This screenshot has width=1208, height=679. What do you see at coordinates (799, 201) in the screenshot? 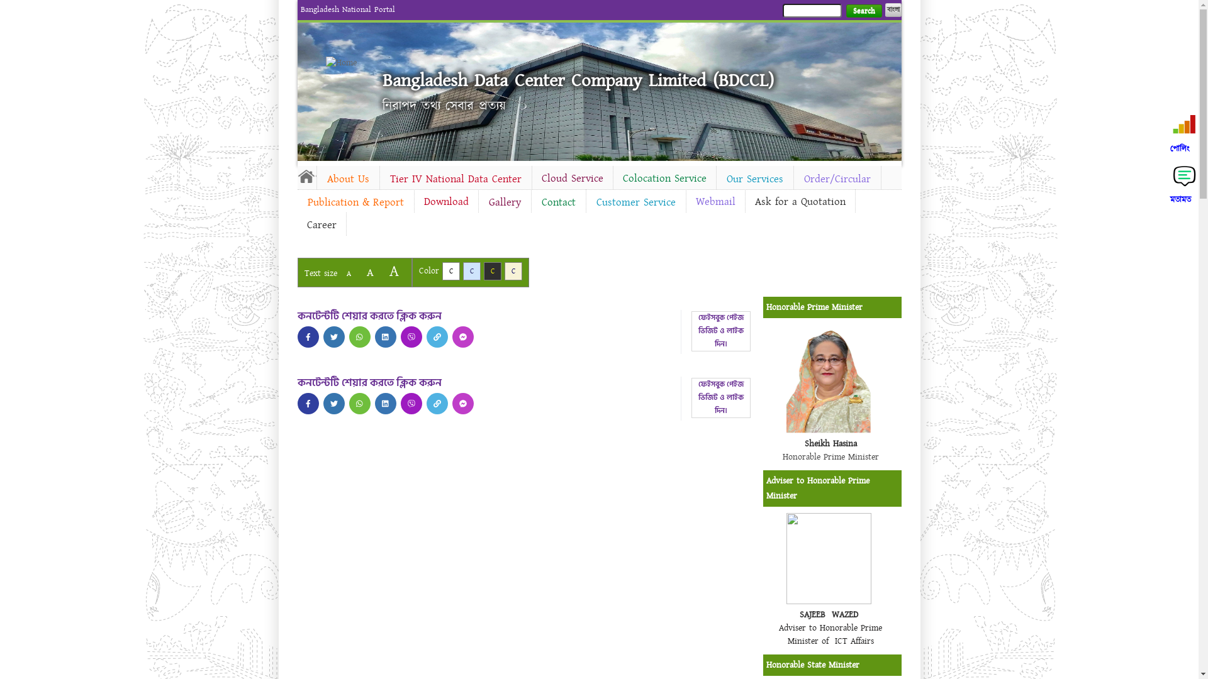
I see `'Ask for a Quotation'` at bounding box center [799, 201].